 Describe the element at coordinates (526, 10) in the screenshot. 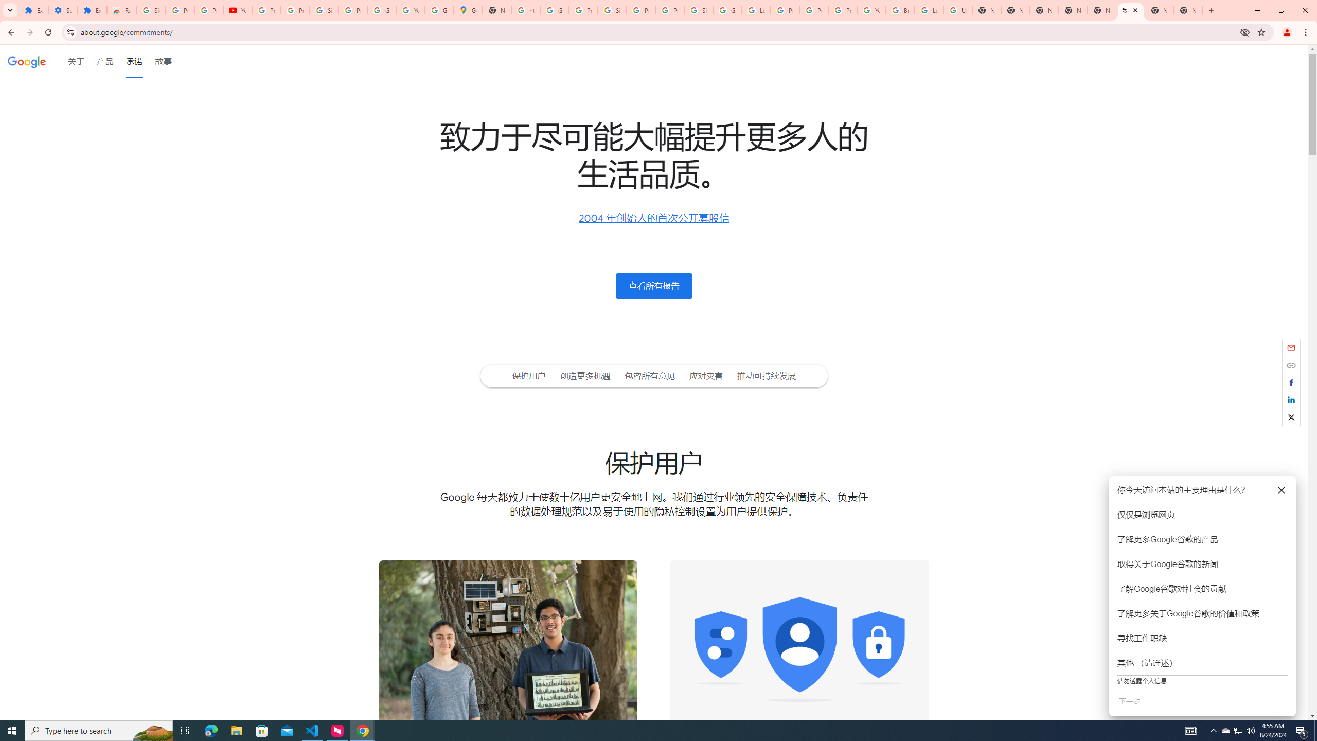

I see `'https://scholar.google.com/'` at that location.